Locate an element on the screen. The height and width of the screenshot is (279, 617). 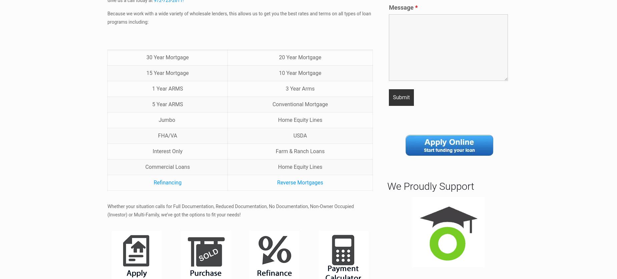
'Conventional Mortgage' is located at coordinates (300, 104).